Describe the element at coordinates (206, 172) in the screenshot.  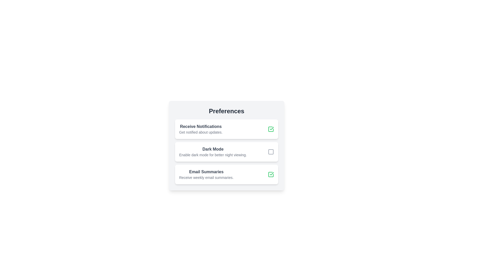
I see `the non-interactive text label that identifies the third group of options in the 'Preferences' card, positioned above 'Receive weekly email summaries.'` at that location.